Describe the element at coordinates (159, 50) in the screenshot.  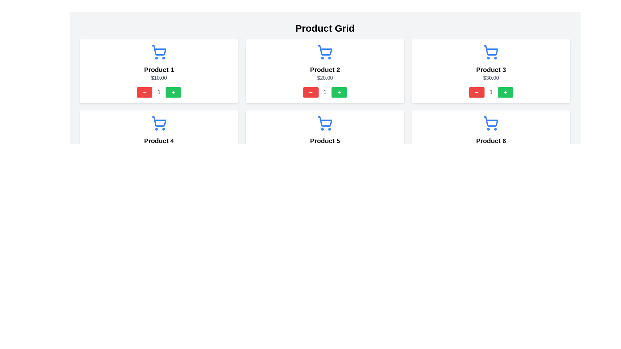
I see `the decorative graphical component of the shopping cart icon for 'Product 1', which is located in the top row and leftmost column of the product grid` at that location.